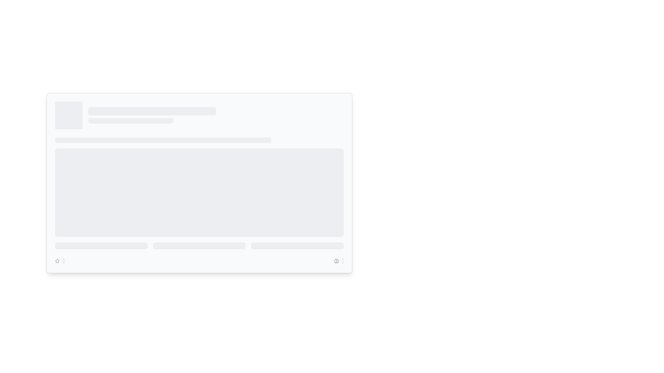 Image resolution: width=664 pixels, height=373 pixels. I want to click on the interactive icon located at the leftmost side of a row of three elements, which likely represents a rating or favorite system, so click(57, 261).